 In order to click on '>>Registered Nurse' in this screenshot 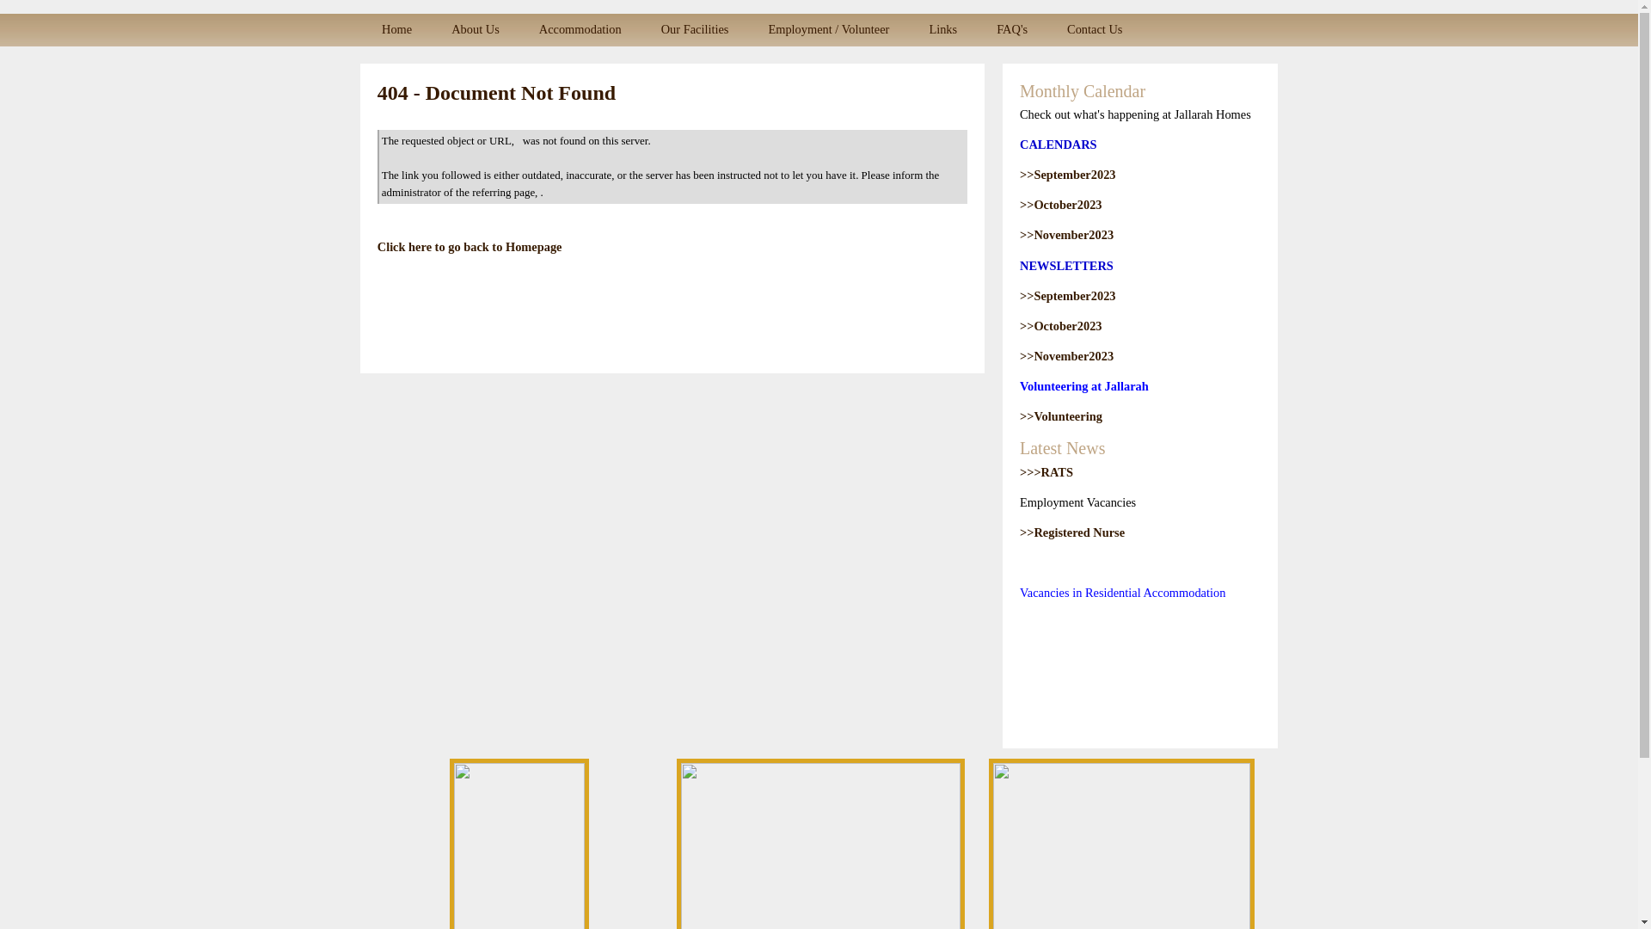, I will do `click(1071, 531)`.